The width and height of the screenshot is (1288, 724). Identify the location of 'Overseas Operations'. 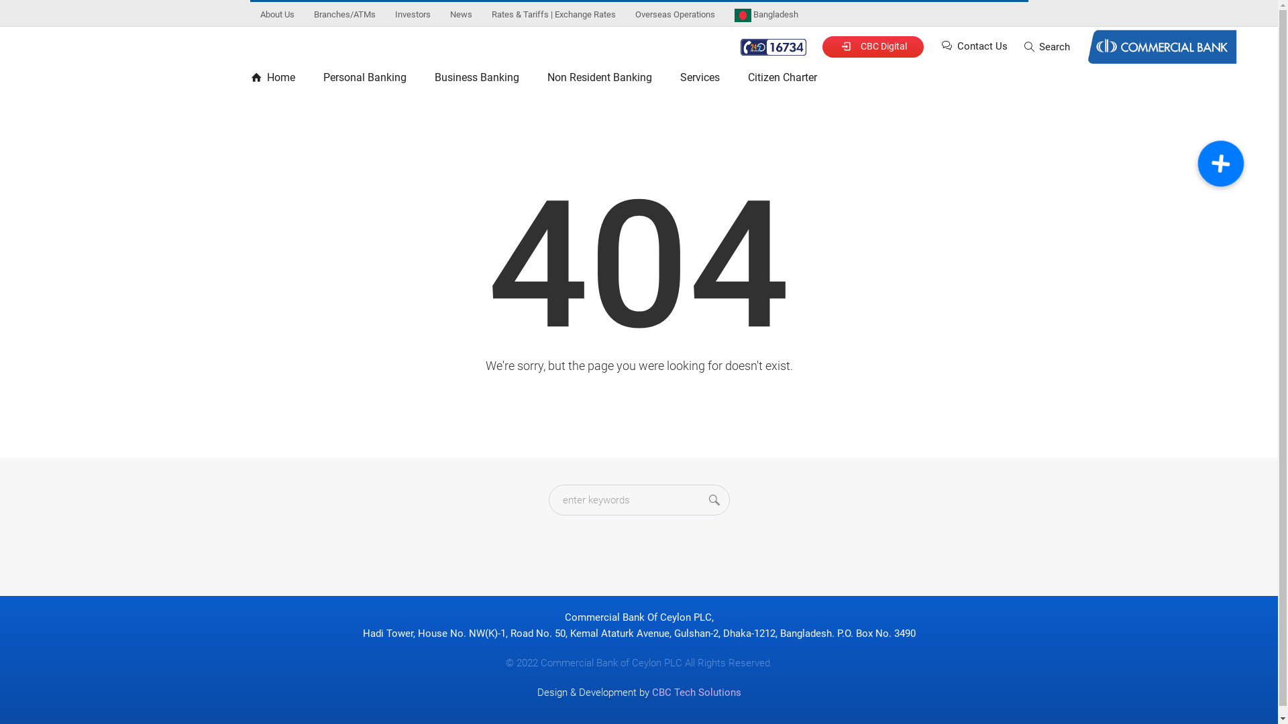
(674, 14).